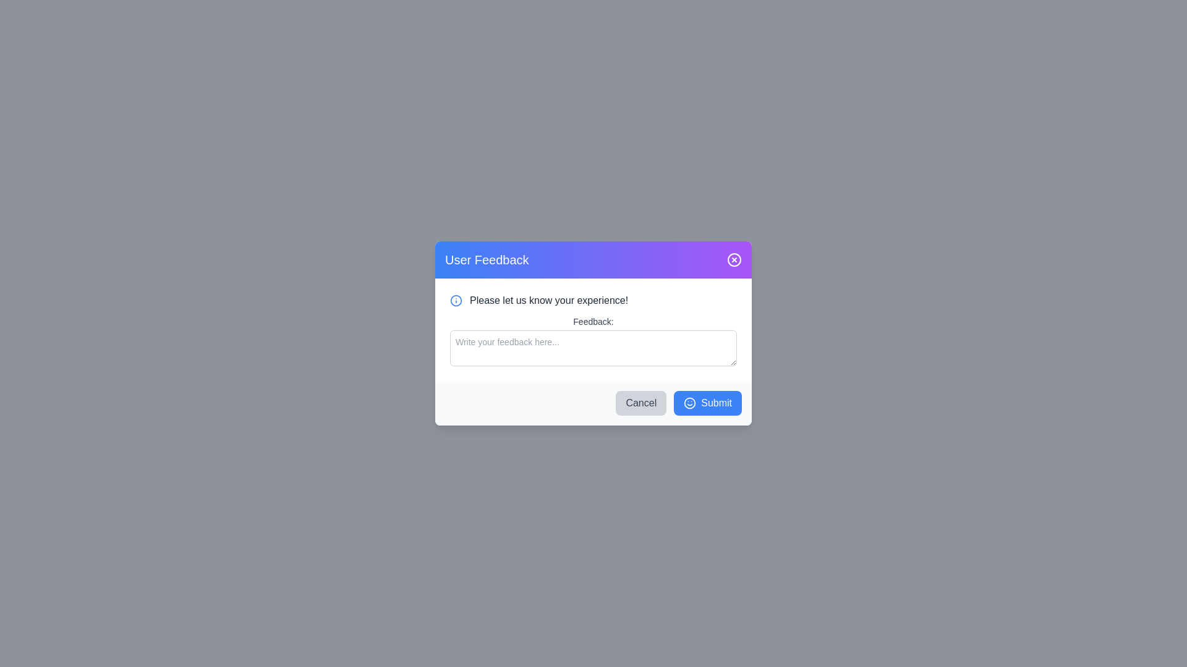 This screenshot has height=667, width=1187. What do you see at coordinates (456, 300) in the screenshot?
I see `the information icon located to the left of the text 'Please let us know your experience!'` at bounding box center [456, 300].